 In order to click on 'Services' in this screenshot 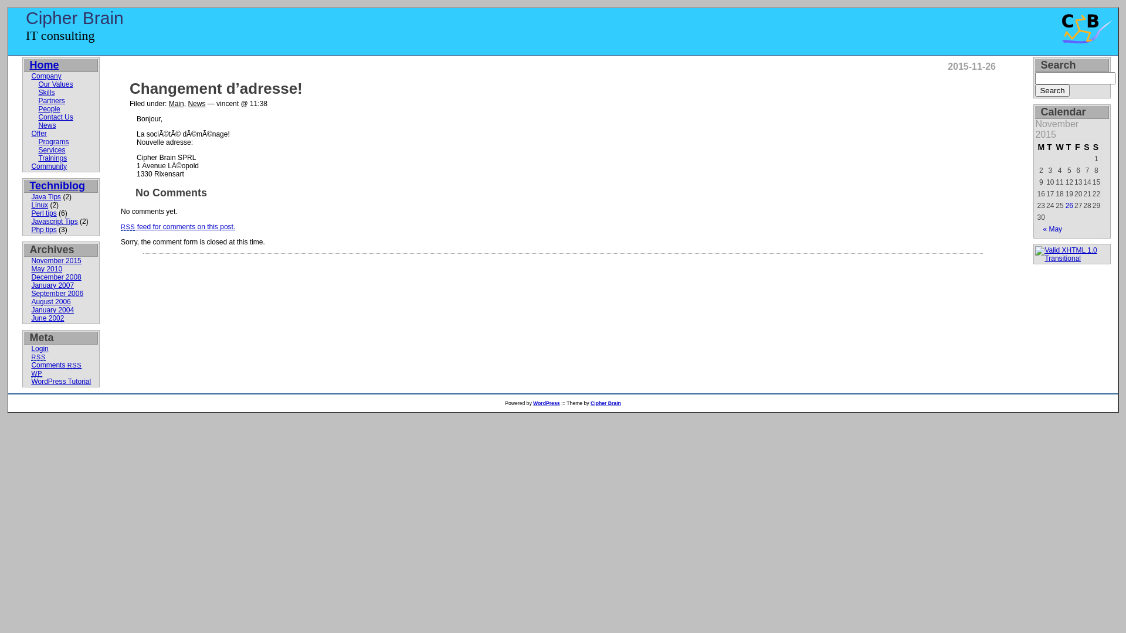, I will do `click(50, 149)`.